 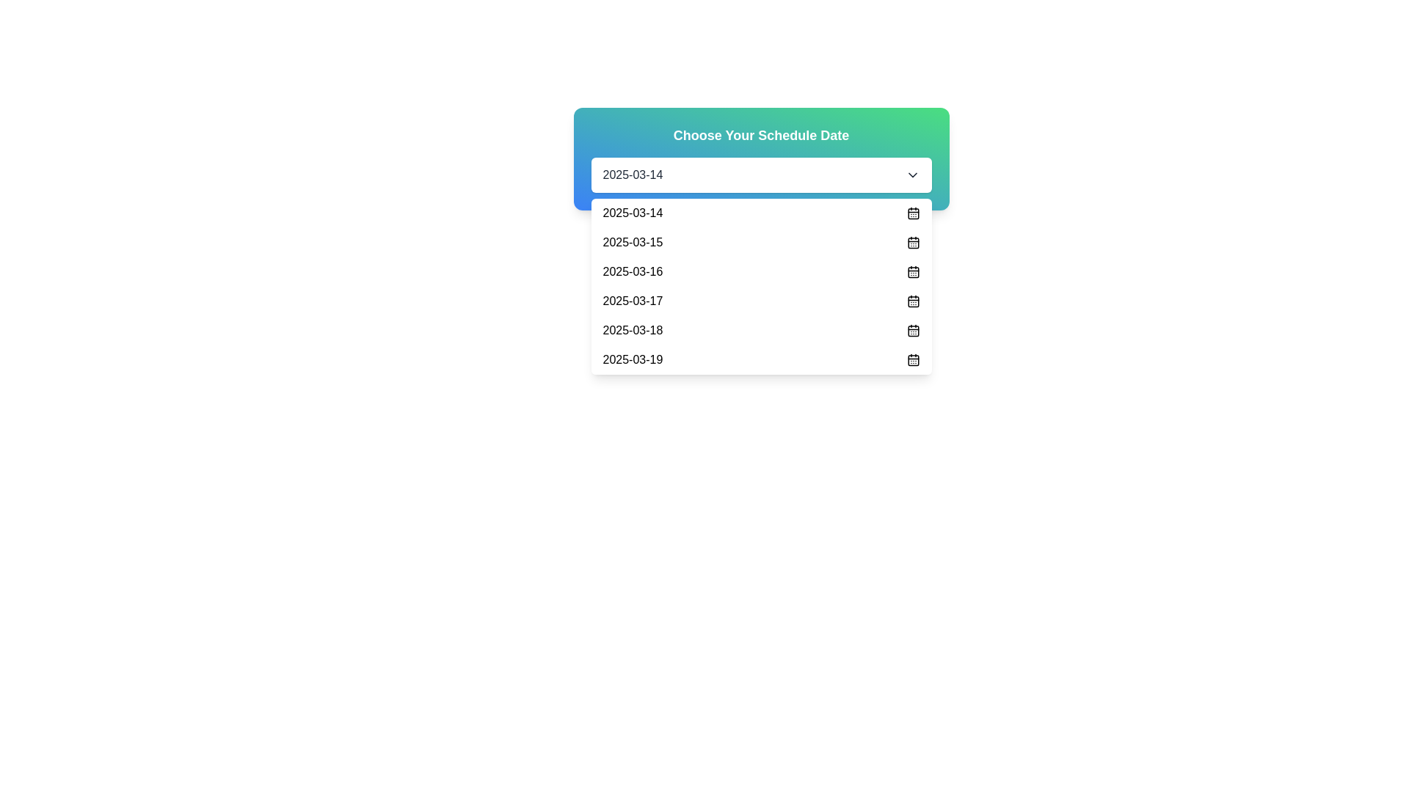 I want to click on the Calendar body region icon, which is part of the date picker functionality located in the dropdown menu of dates, to the right of '2025-03-18', so click(x=912, y=331).